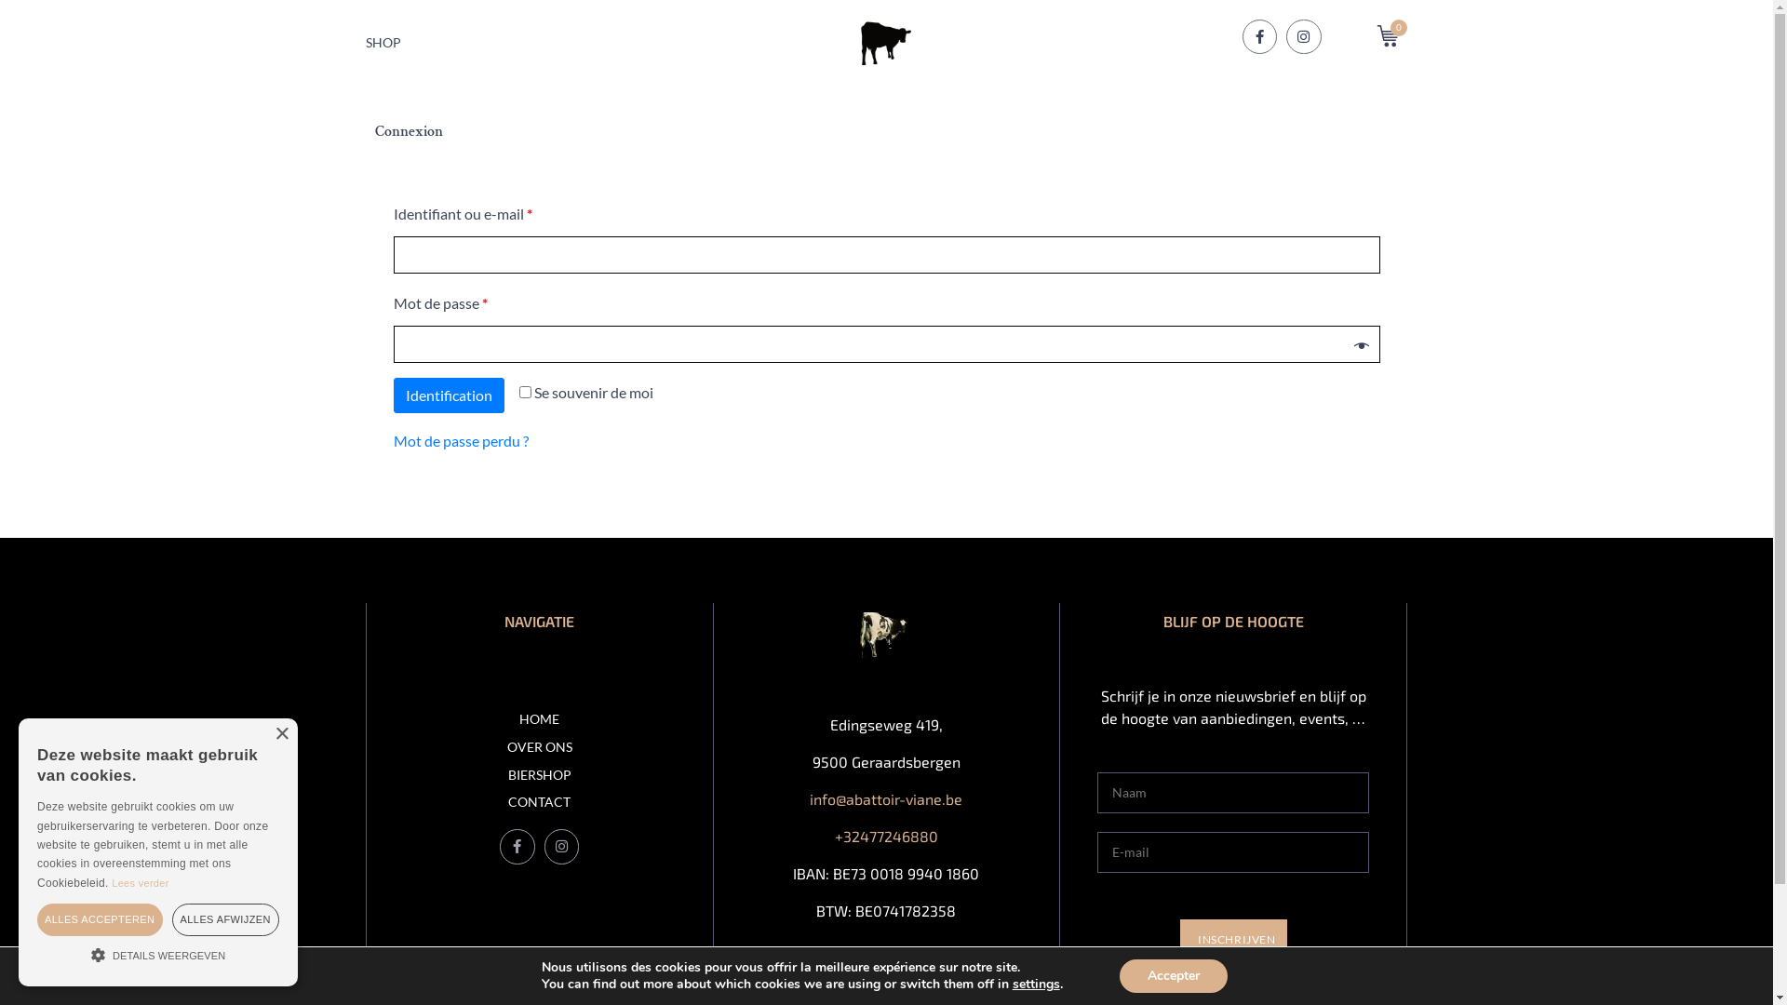 The image size is (1787, 1005). I want to click on 'CONTACT', so click(539, 801).